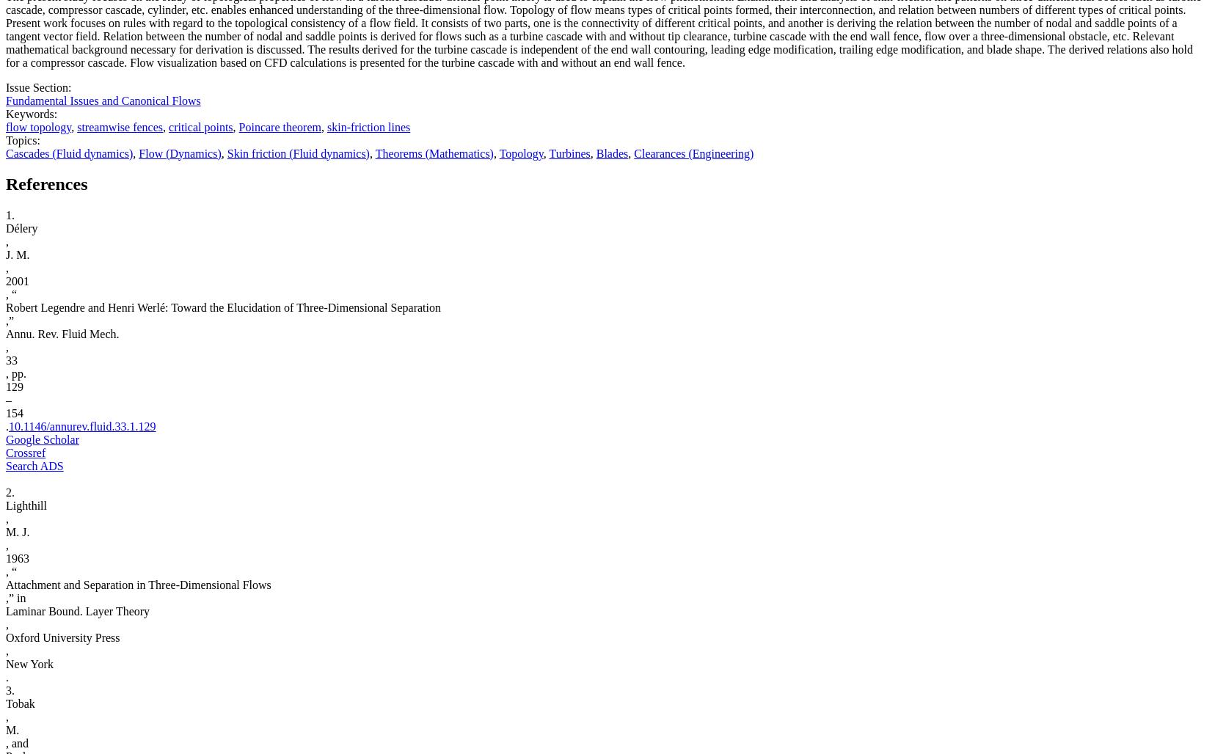  I want to click on 'skin-friction lines', so click(367, 126).